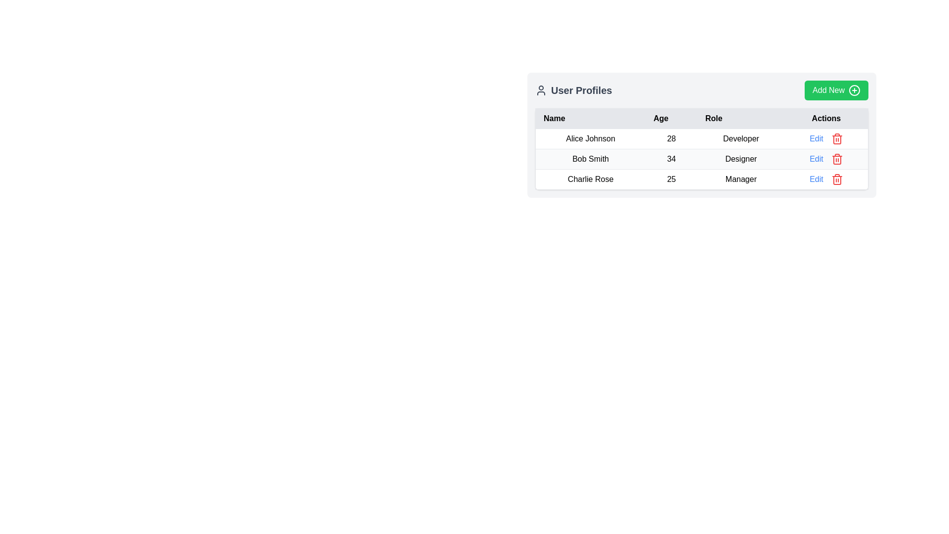 The height and width of the screenshot is (534, 949). Describe the element at coordinates (671, 179) in the screenshot. I see `the 'Age' column cell displaying the value '25' in the table titled 'User Profiles'` at that location.